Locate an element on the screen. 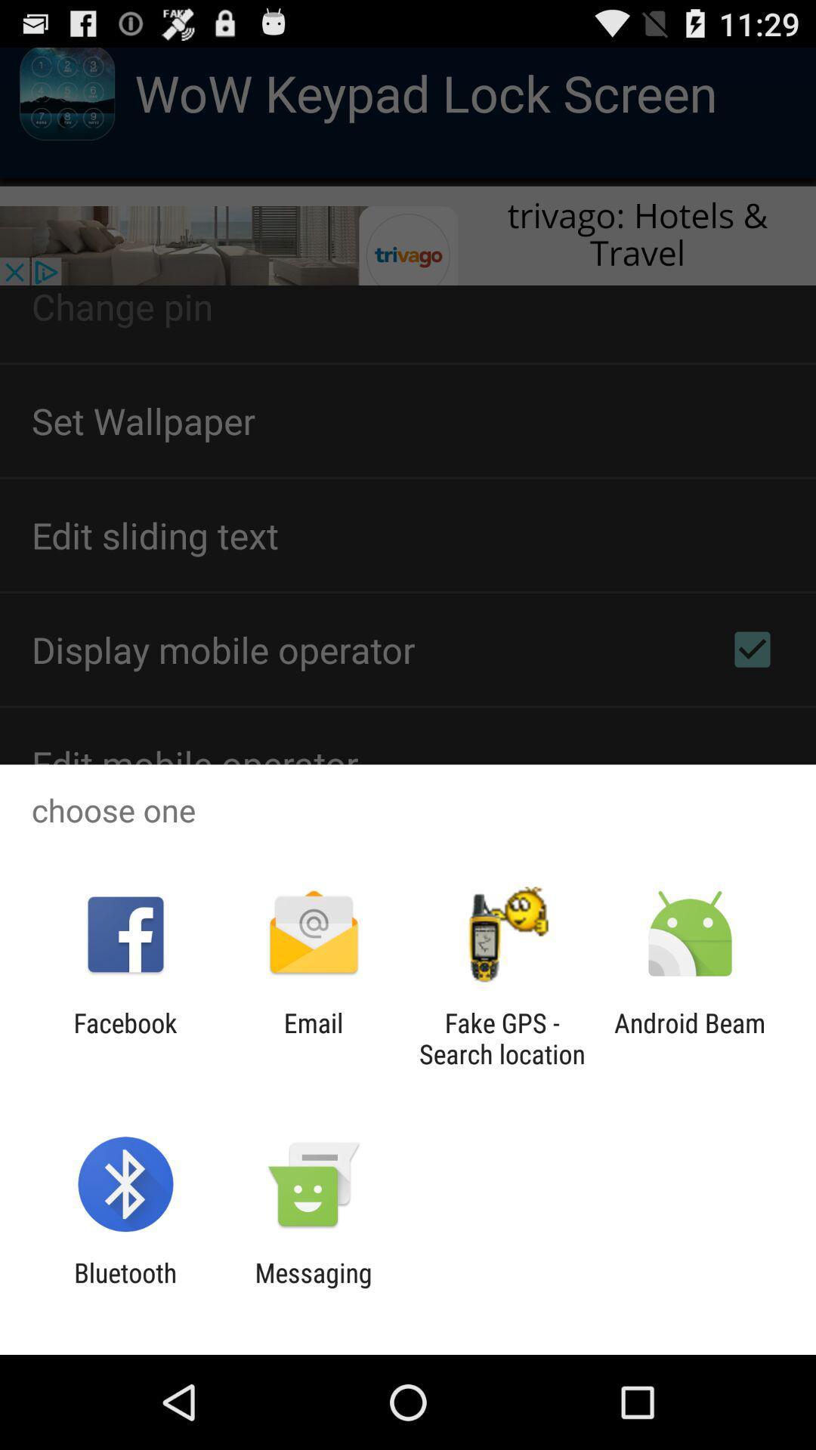 This screenshot has height=1450, width=816. the bluetooth item is located at coordinates (125, 1288).